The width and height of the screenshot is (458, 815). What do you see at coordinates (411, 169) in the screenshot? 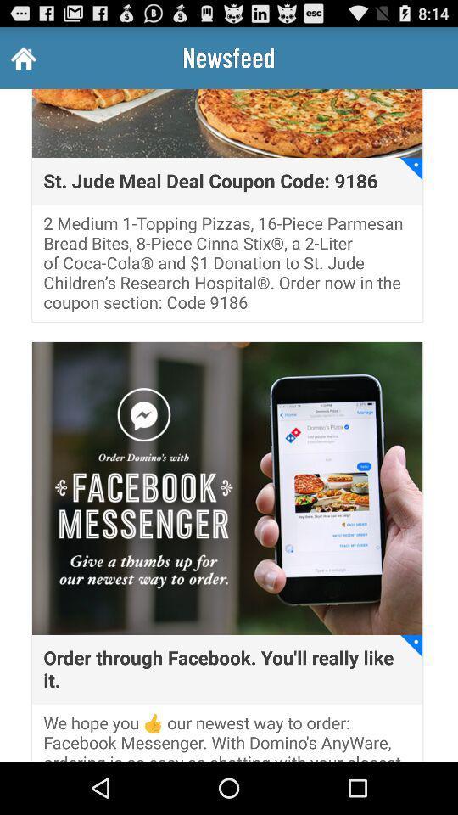
I see `the item to the right of the st jude meal app` at bounding box center [411, 169].